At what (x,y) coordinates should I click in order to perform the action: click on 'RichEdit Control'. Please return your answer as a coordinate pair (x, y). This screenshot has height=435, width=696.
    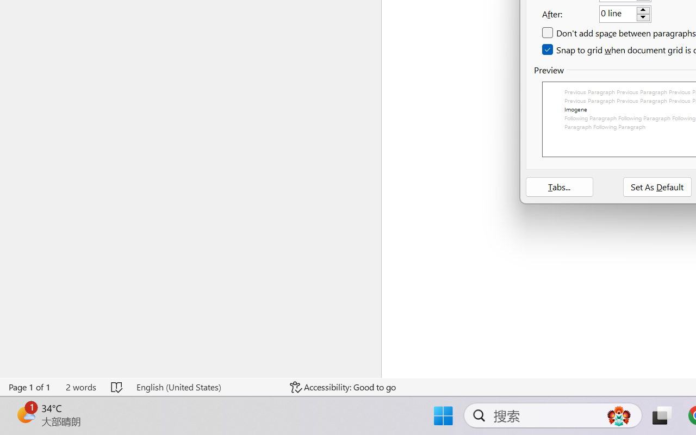
    Looking at the image, I should click on (618, 14).